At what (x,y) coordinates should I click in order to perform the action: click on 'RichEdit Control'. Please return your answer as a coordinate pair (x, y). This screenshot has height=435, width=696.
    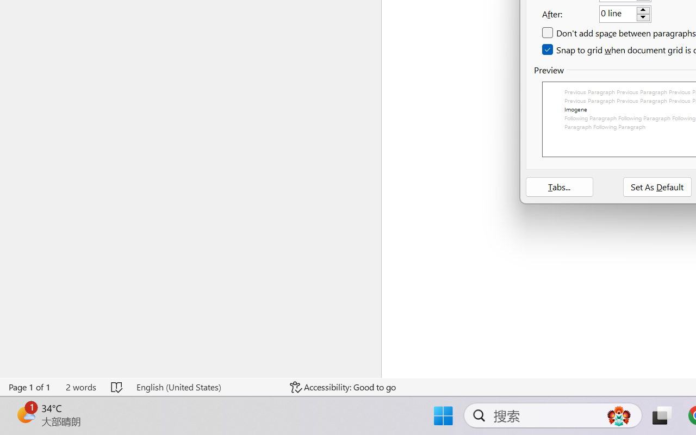
    Looking at the image, I should click on (618, 14).